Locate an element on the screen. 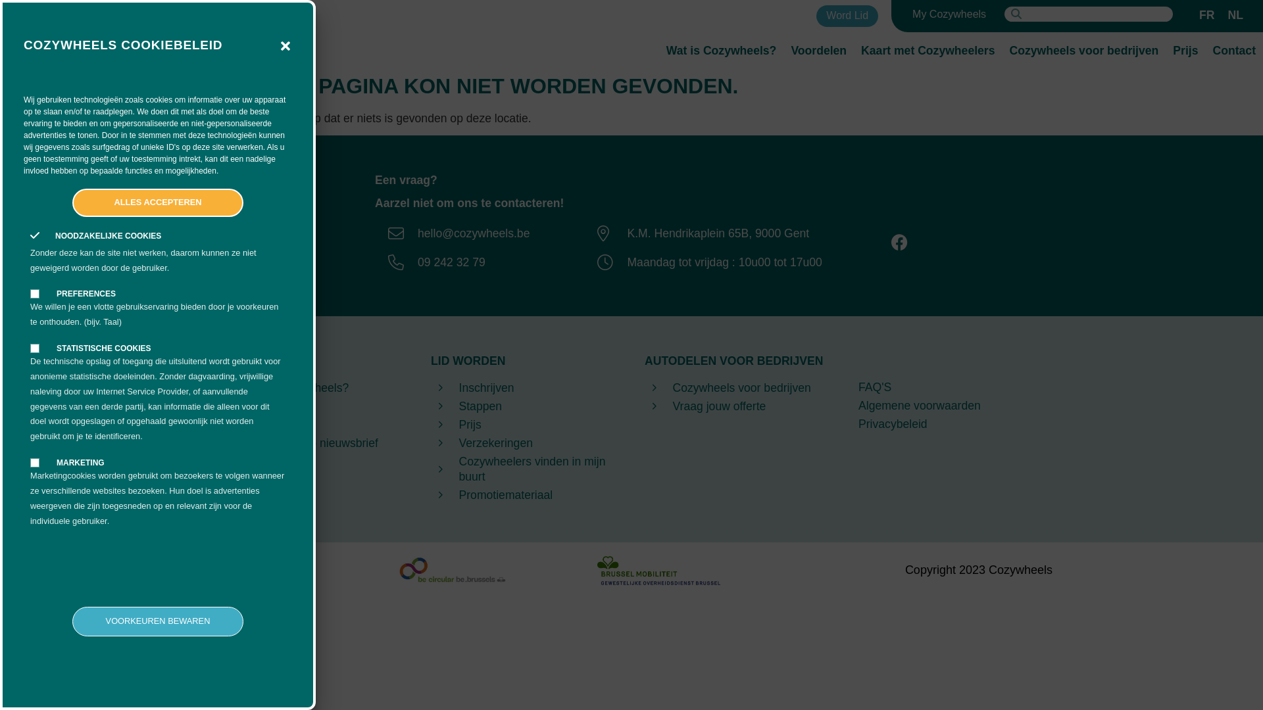 The width and height of the screenshot is (1263, 710). 'VOORKEUREN BEWAREN' is located at coordinates (72, 621).